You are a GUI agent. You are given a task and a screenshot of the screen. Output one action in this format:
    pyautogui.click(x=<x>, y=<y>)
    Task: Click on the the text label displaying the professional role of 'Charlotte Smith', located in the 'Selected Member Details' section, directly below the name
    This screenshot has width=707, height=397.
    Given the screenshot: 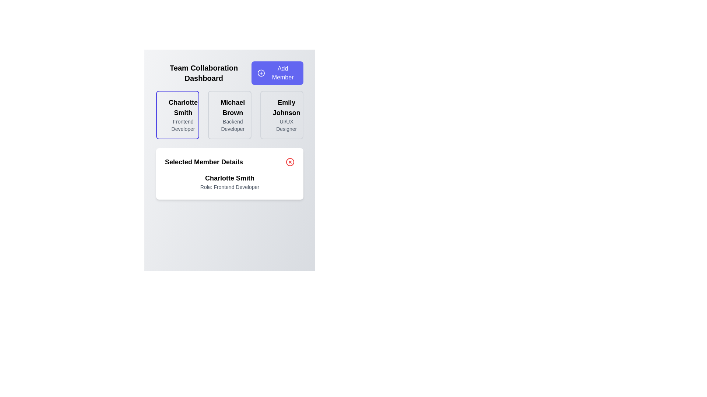 What is the action you would take?
    pyautogui.click(x=229, y=187)
    